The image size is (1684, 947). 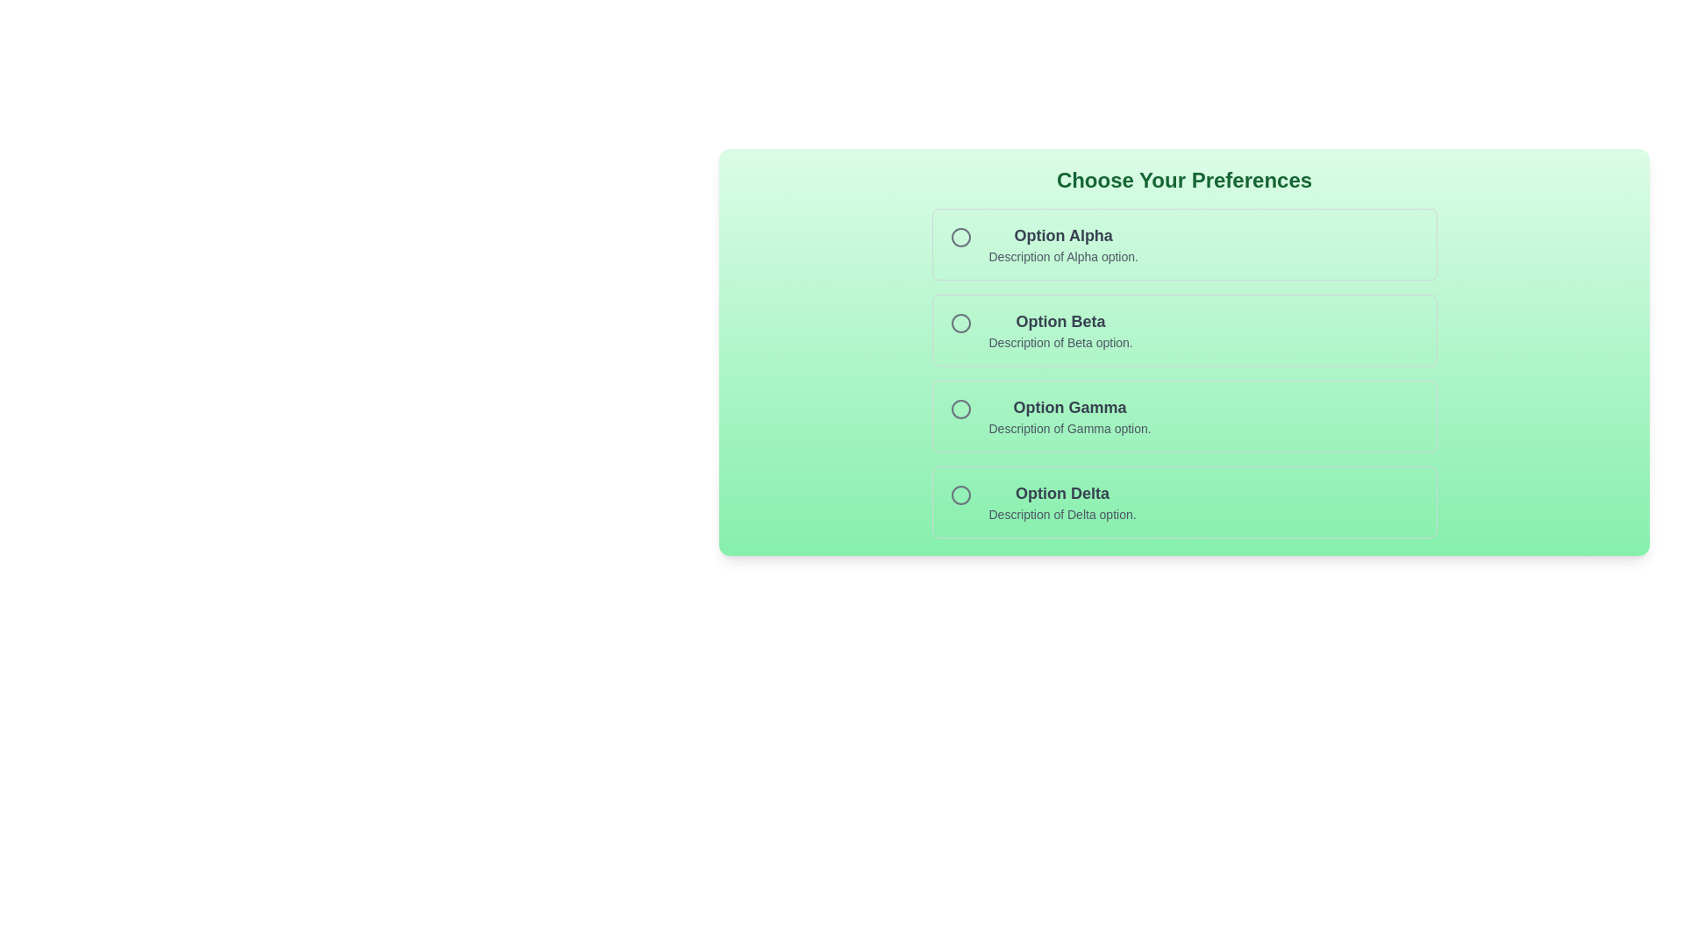 I want to click on the non-interactive Text Label that provides additional information about the 'Gamma' option, located beneath the 'Option Gamma' title, so click(x=1069, y=429).